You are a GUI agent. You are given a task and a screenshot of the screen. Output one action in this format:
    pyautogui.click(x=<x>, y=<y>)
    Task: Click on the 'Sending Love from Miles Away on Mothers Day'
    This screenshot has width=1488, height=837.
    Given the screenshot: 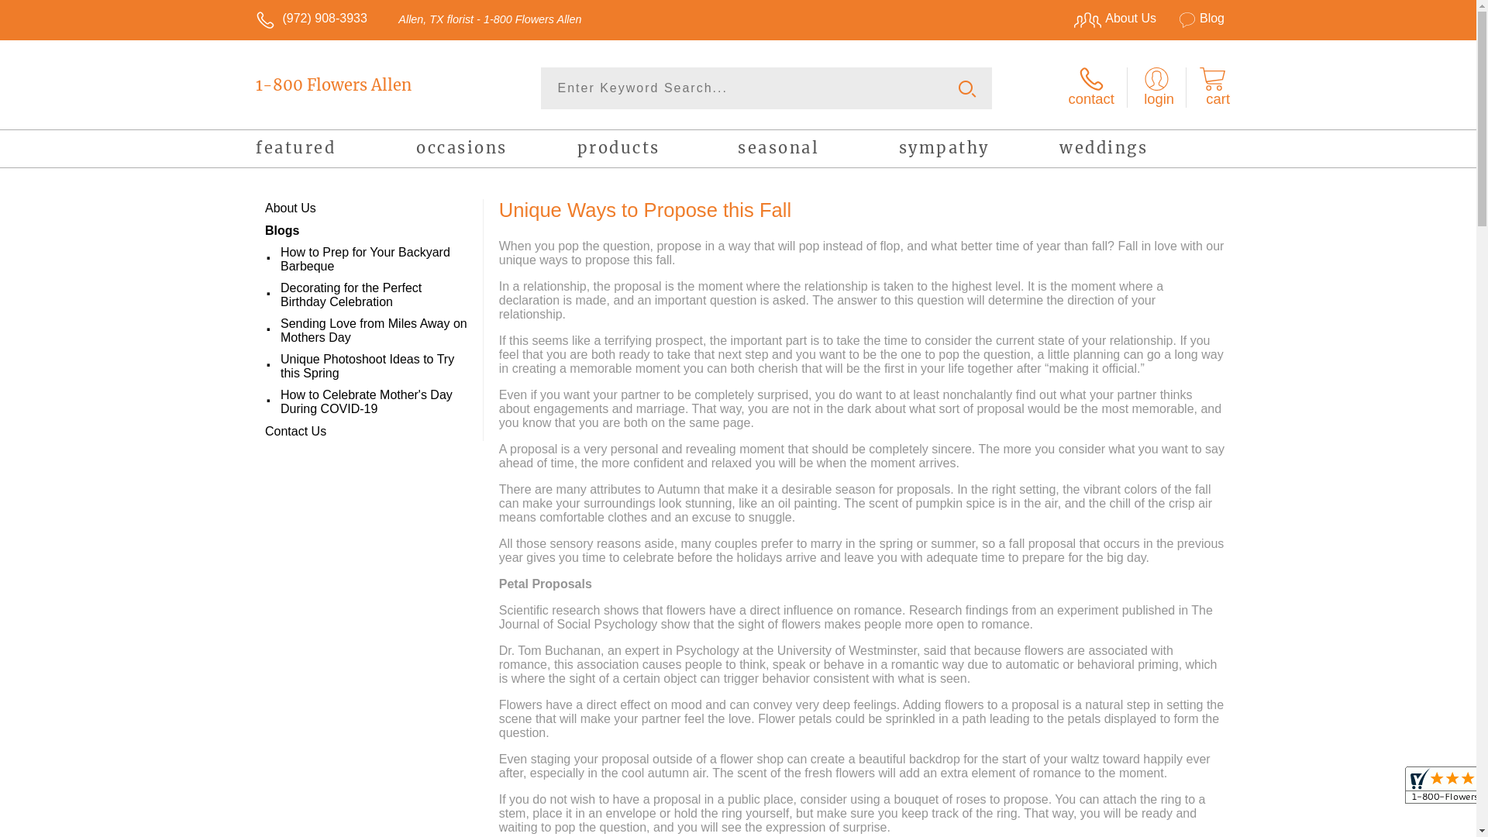 What is the action you would take?
    pyautogui.click(x=375, y=330)
    